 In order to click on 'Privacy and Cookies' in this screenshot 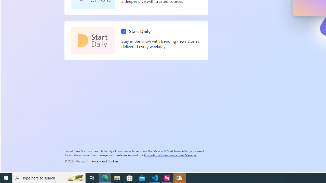, I will do `click(104, 161)`.